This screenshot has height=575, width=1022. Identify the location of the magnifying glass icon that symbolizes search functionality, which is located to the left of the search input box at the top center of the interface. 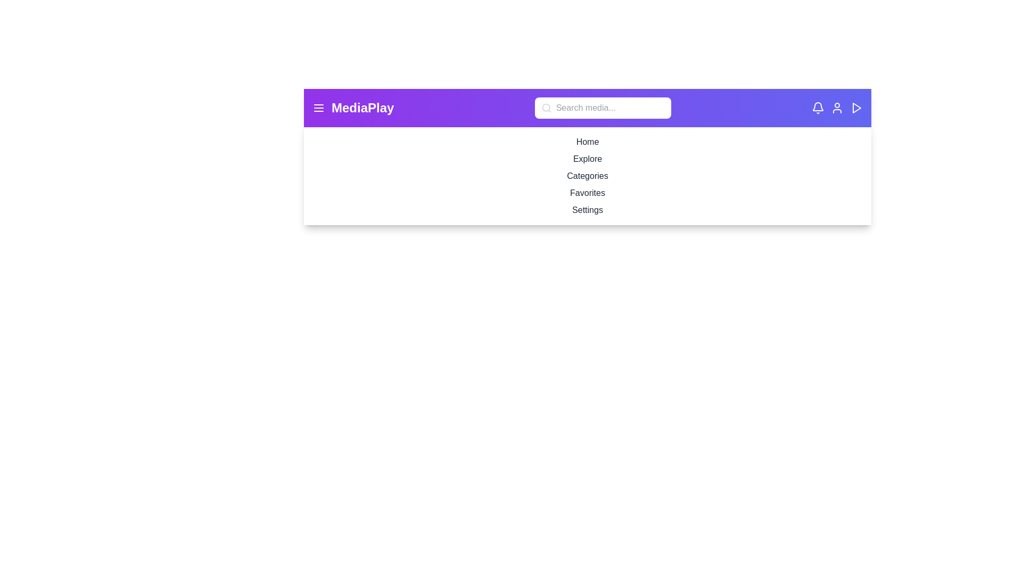
(546, 108).